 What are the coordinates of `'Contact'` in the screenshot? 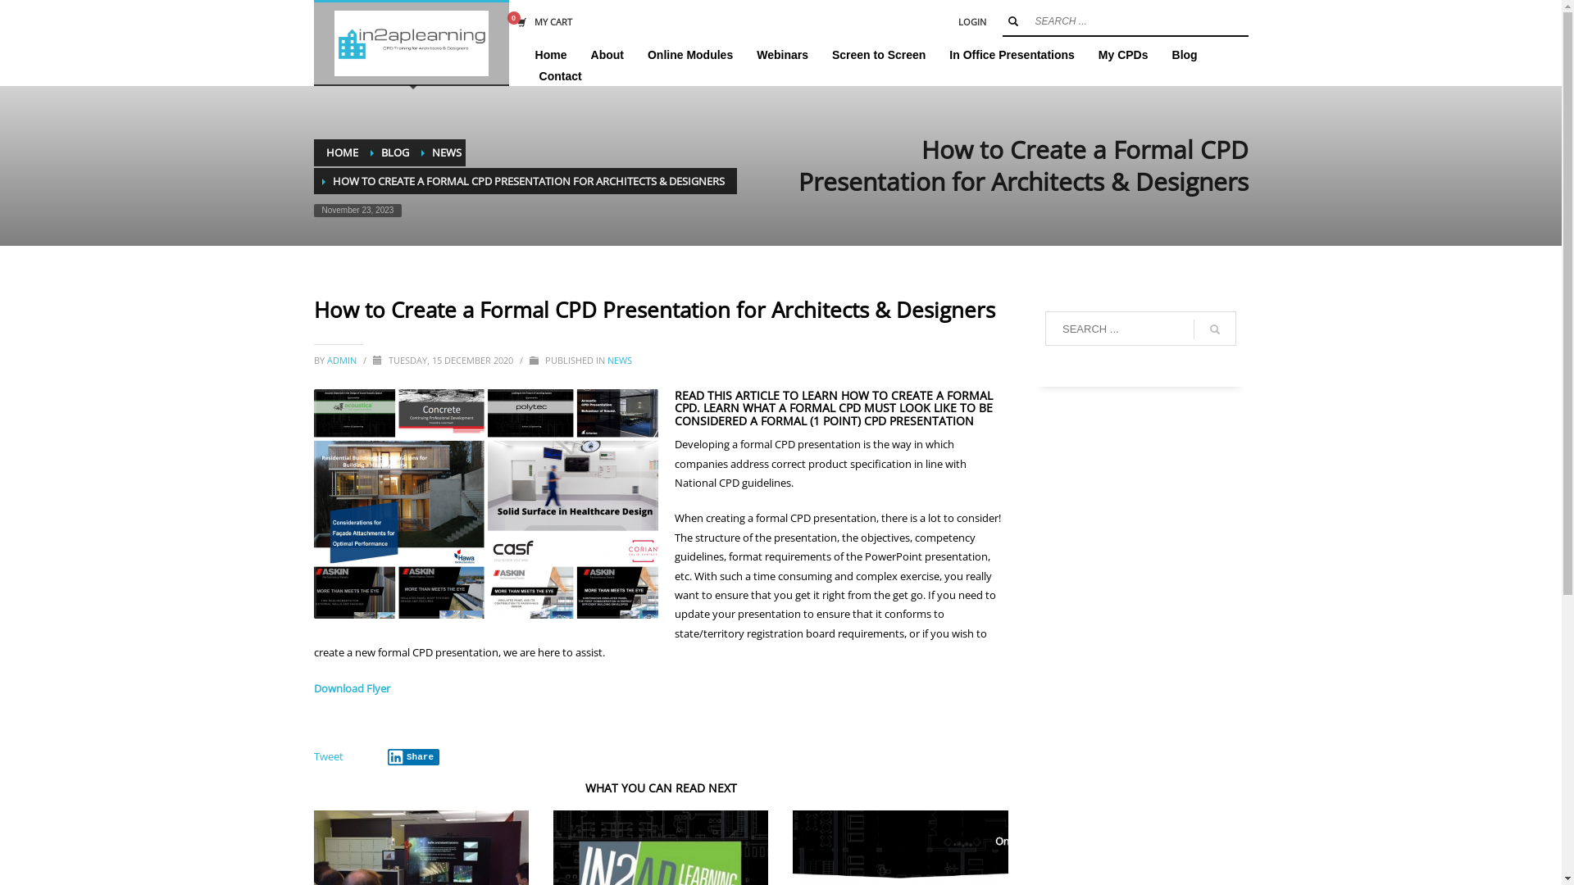 It's located at (561, 75).